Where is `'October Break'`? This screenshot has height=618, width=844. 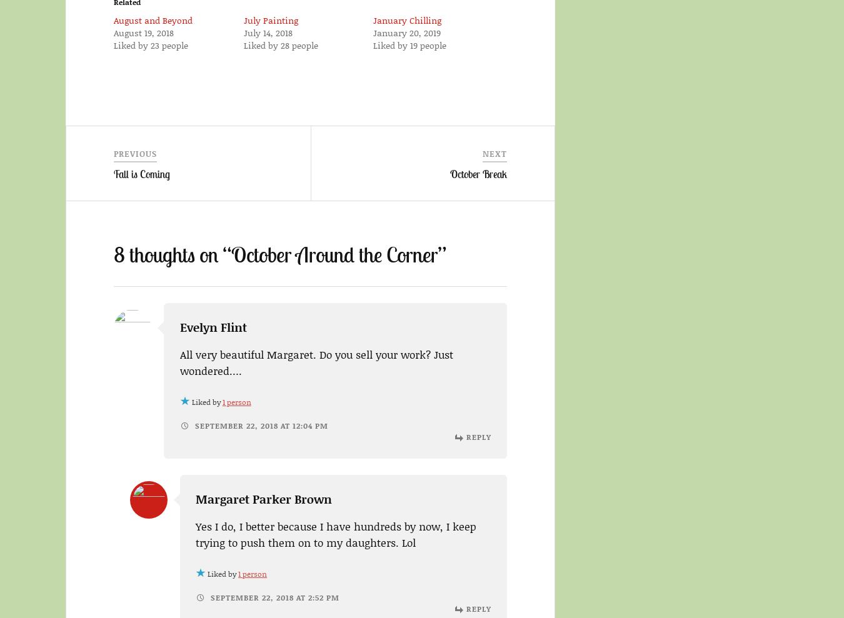
'October Break' is located at coordinates (478, 174).